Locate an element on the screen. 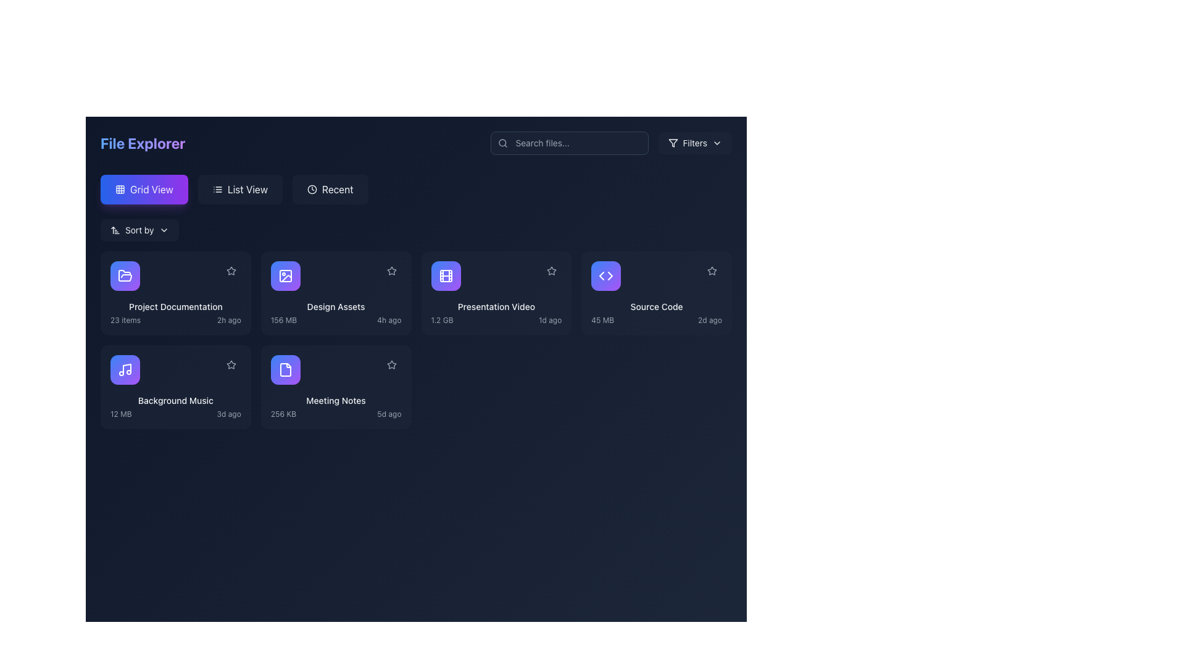 The width and height of the screenshot is (1185, 667). the star icon located in the top-right corner of the 'Presentation Video' file card to mark it as a favorite is located at coordinates (551, 271).